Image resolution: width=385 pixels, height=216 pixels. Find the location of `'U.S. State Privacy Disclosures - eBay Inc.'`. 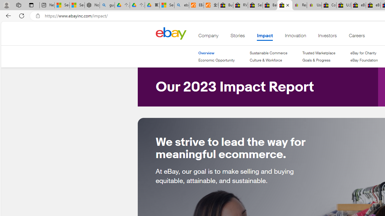

'U.S. State Privacy Disclosures - eBay Inc.' is located at coordinates (344, 5).